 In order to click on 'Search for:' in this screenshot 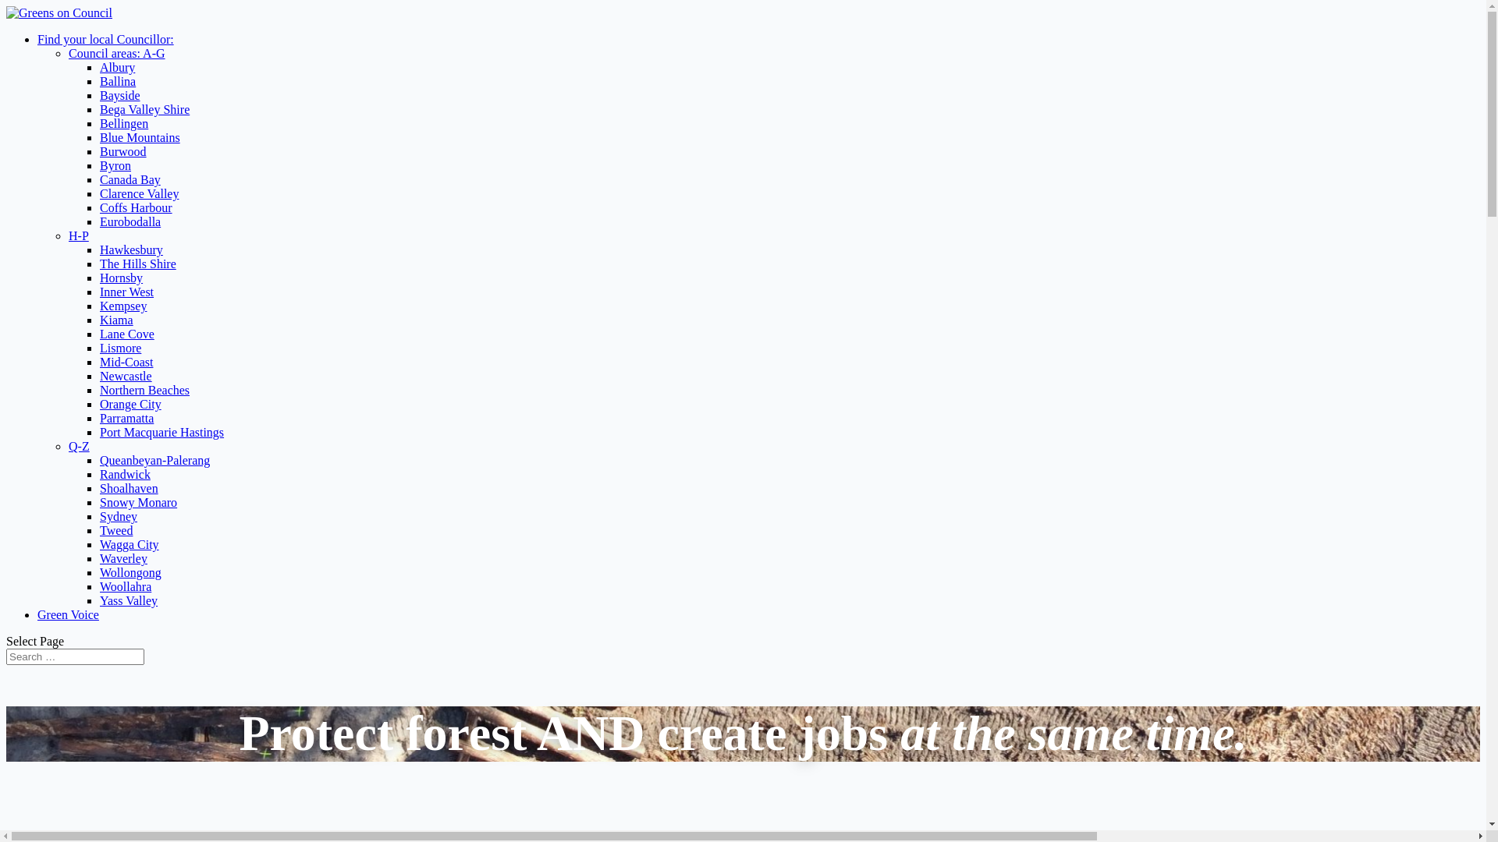, I will do `click(74, 656)`.